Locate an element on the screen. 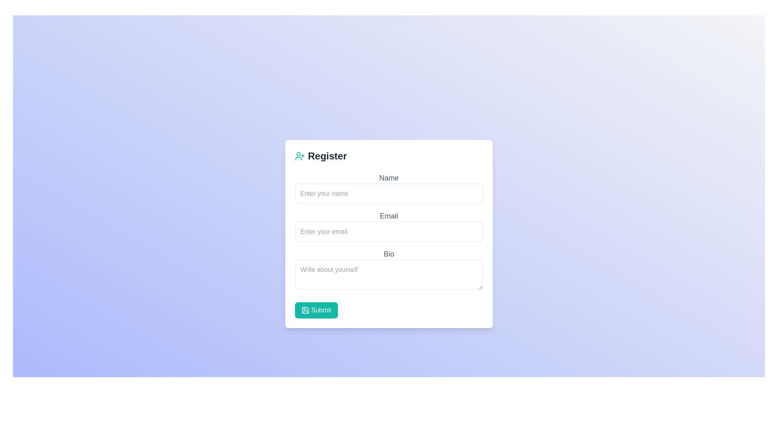  the floppy disk-shaped save icon within the 'Submit' button at the bottom of the form panel is located at coordinates (305, 310).